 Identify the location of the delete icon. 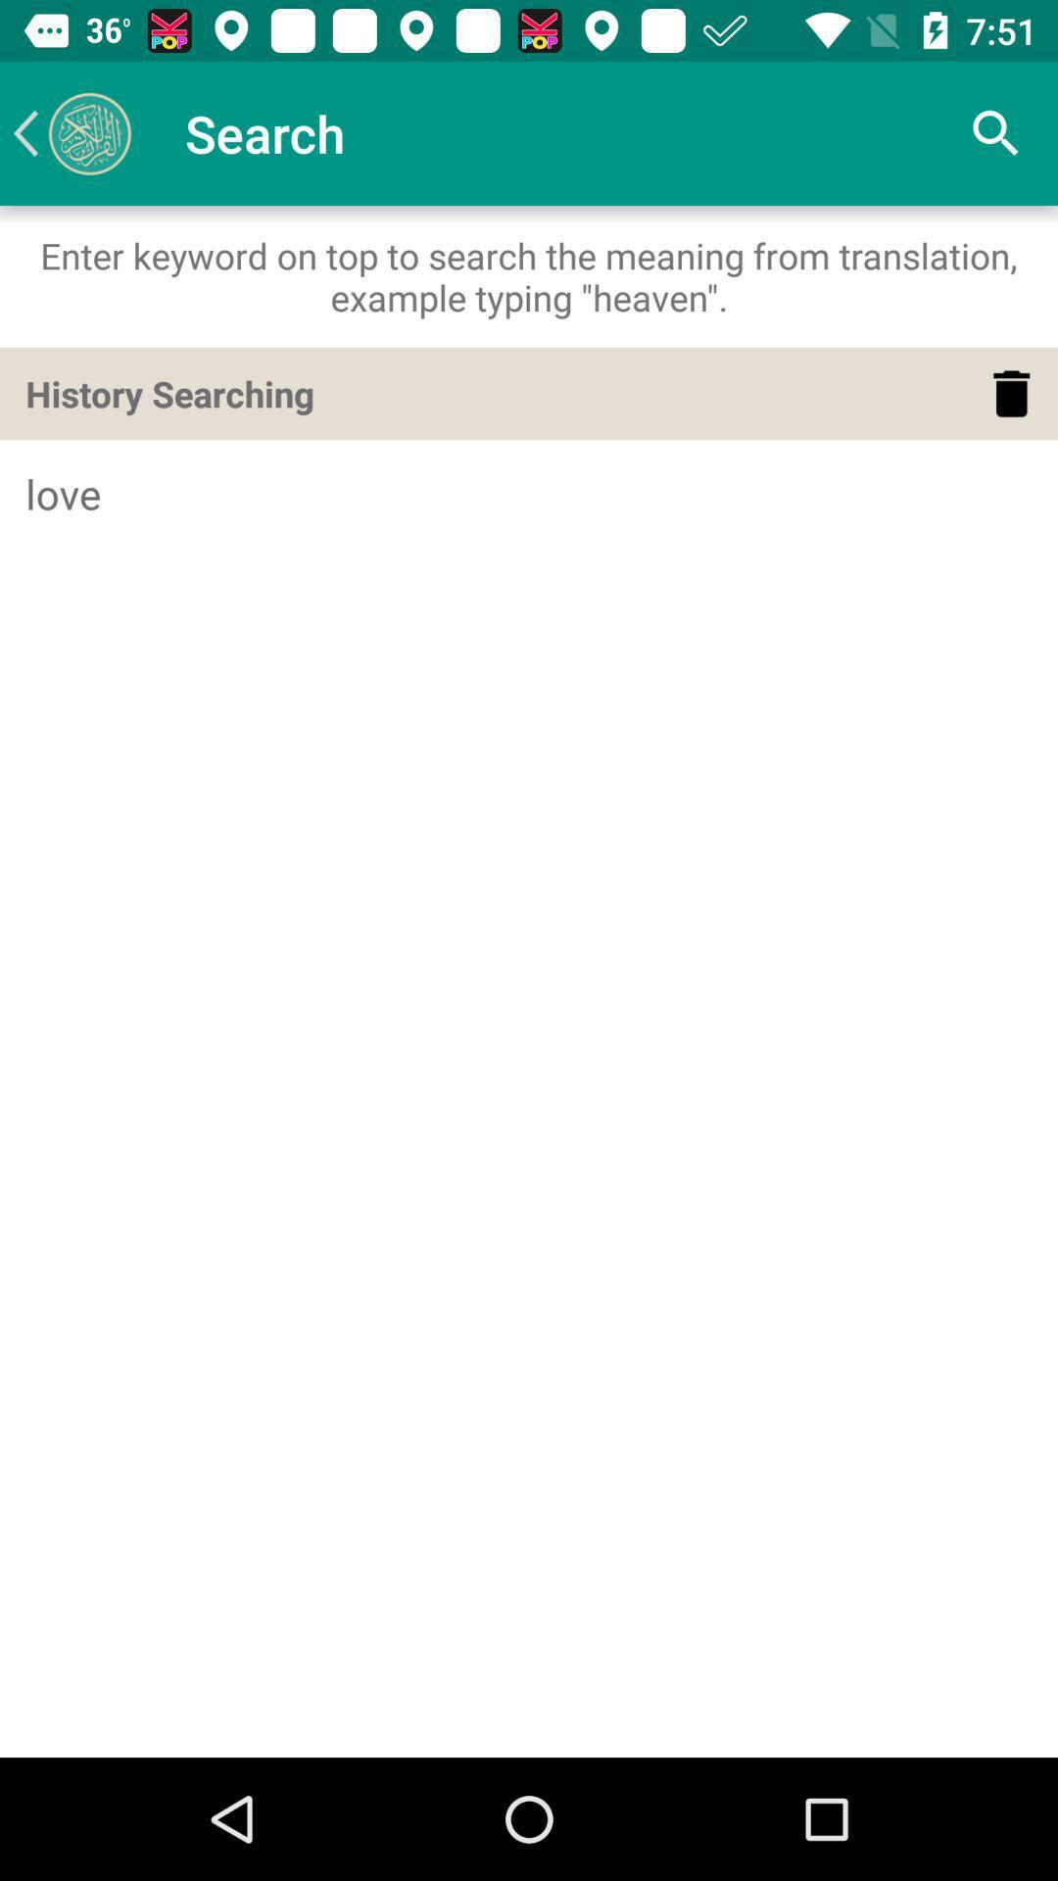
(1011, 393).